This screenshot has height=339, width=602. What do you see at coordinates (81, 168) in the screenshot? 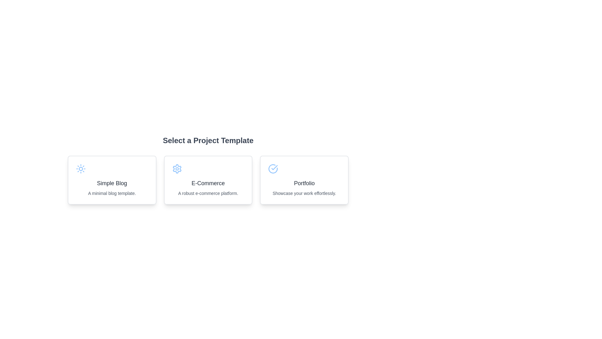
I see `the blue sun icon located at the top-center of the 'Simple Blog' card, which is visually prominent and positioned above the text 'Simple Blog' and 'A minimal blog template'` at bounding box center [81, 168].